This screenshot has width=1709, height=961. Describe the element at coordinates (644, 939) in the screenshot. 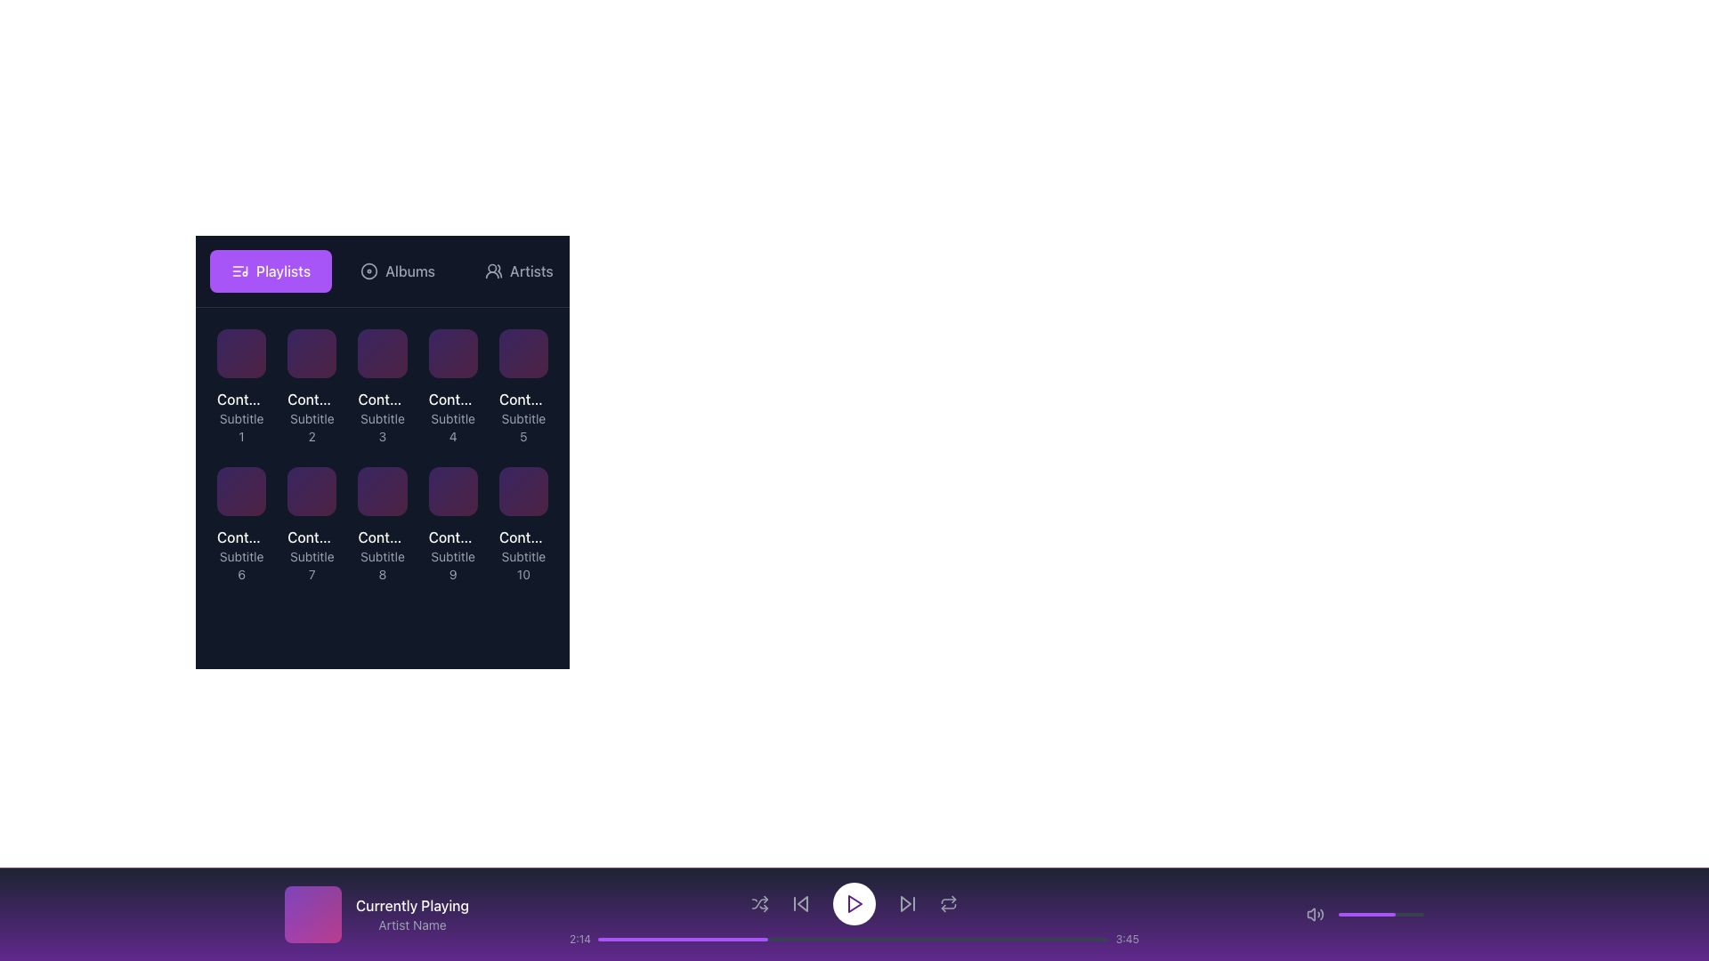

I see `the playback position` at that location.